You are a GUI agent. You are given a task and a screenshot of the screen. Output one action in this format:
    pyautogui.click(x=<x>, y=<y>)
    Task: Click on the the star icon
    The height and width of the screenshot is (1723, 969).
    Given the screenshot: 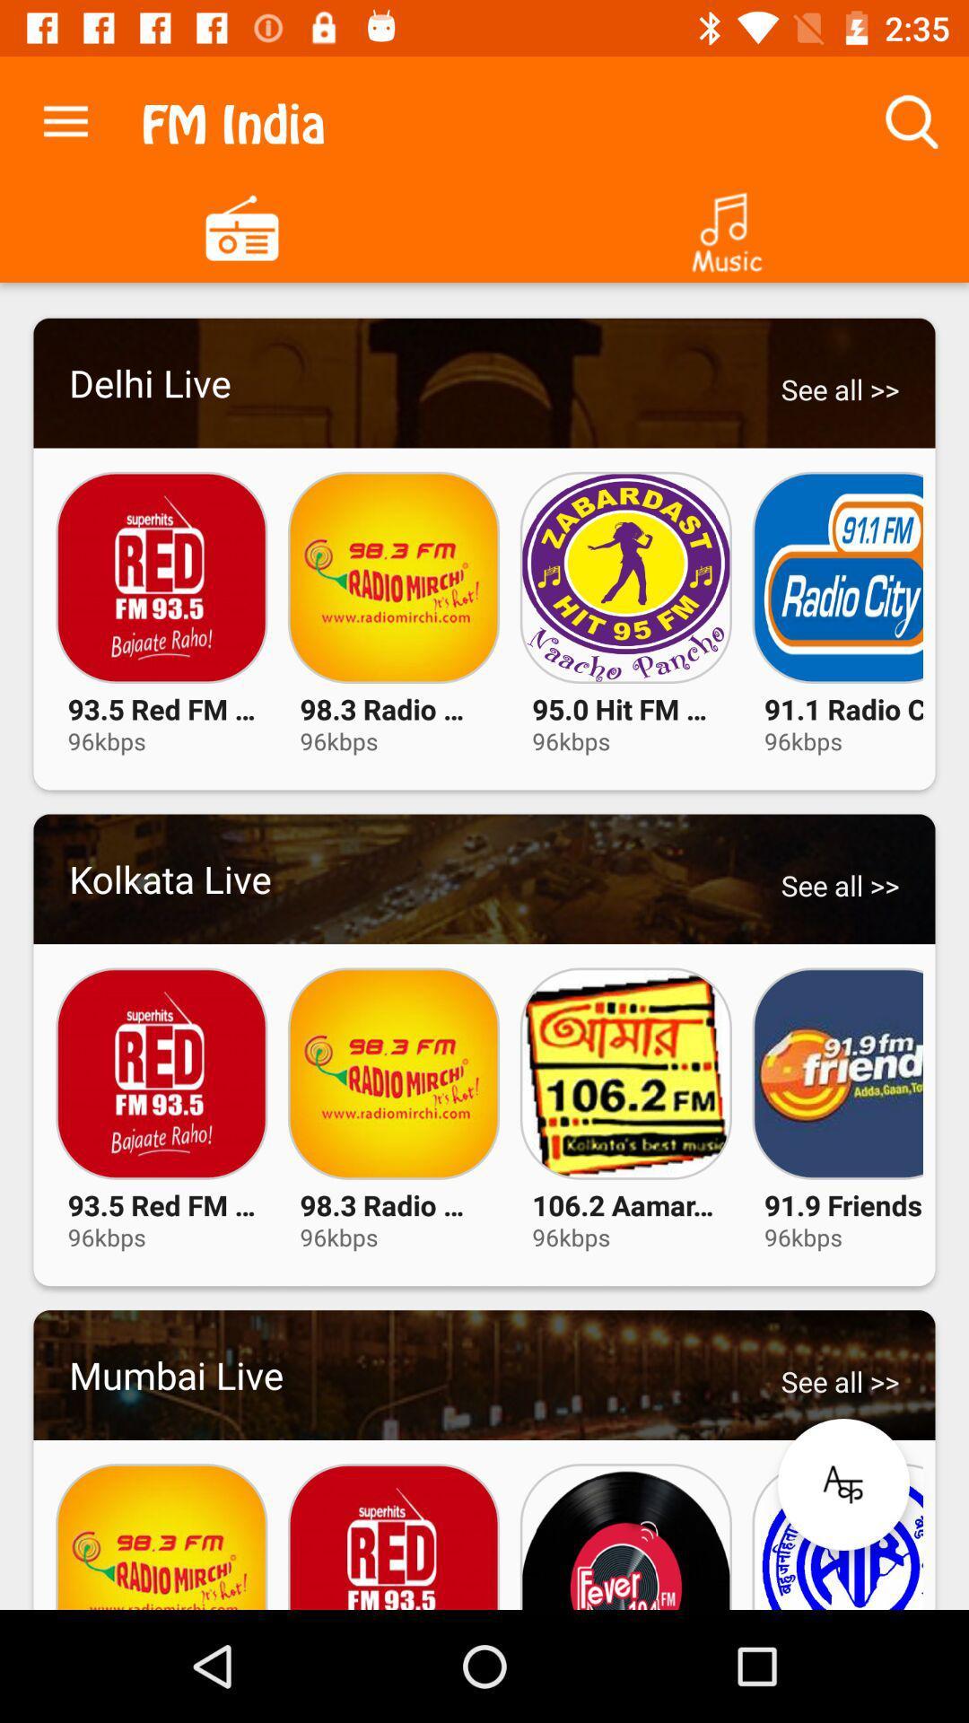 What is the action you would take?
    pyautogui.click(x=843, y=1484)
    